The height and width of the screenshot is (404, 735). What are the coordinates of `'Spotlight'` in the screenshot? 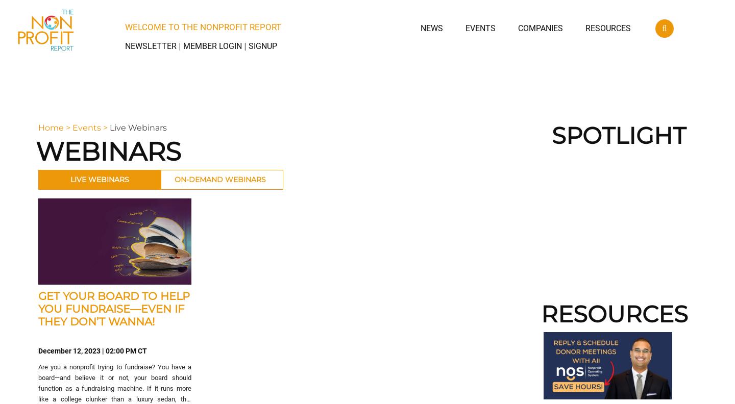 It's located at (618, 135).